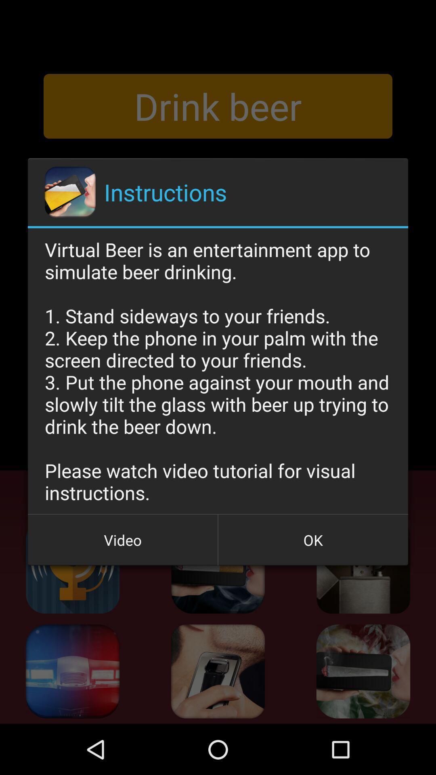 The height and width of the screenshot is (775, 436). What do you see at coordinates (123, 540) in the screenshot?
I see `the icon at the bottom left corner` at bounding box center [123, 540].